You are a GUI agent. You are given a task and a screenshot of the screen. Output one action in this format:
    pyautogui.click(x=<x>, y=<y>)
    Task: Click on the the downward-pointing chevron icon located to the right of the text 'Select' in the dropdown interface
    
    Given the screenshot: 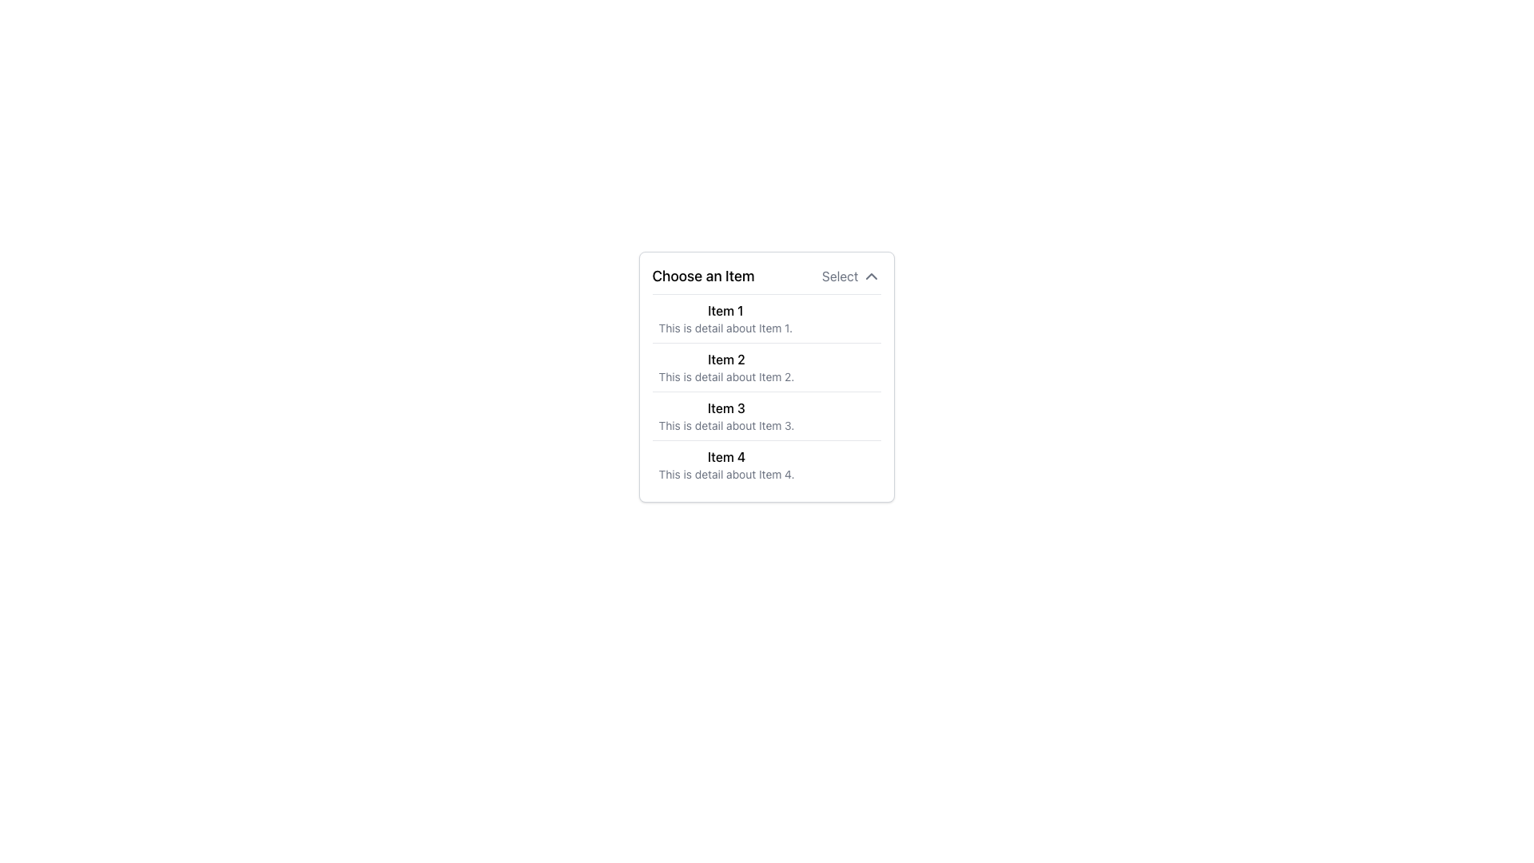 What is the action you would take?
    pyautogui.click(x=870, y=276)
    